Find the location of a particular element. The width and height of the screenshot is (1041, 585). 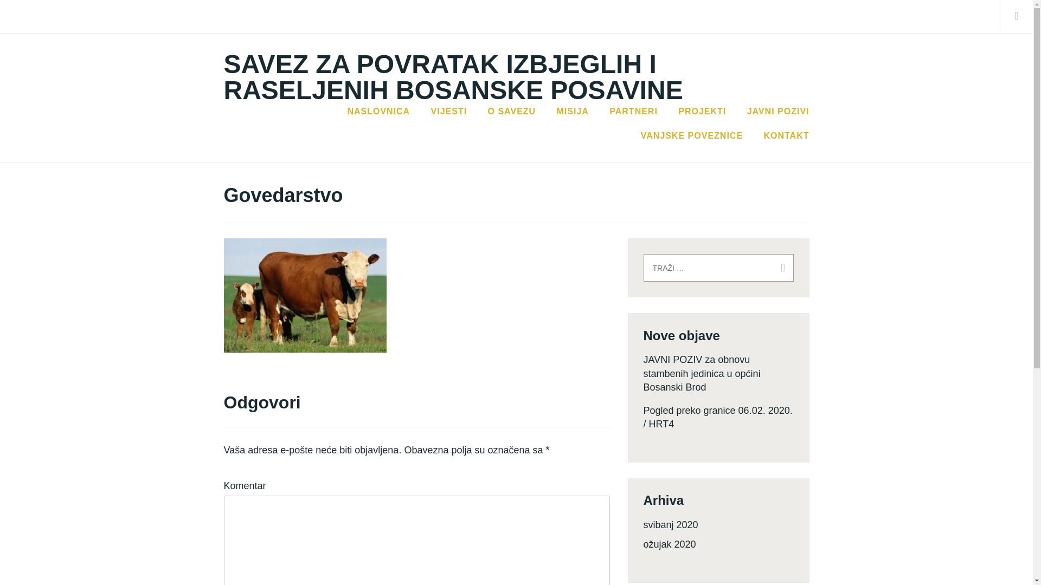

'KONTAKT' is located at coordinates (786, 135).